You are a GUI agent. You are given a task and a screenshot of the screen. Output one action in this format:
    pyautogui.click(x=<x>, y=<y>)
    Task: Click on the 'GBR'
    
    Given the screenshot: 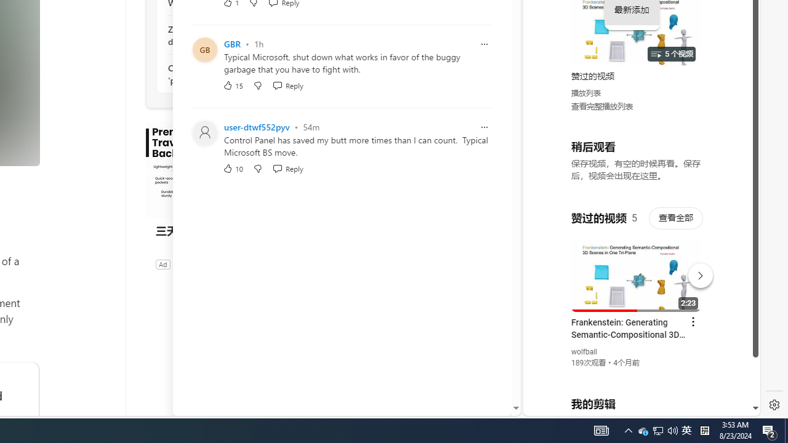 What is the action you would take?
    pyautogui.click(x=231, y=43)
    